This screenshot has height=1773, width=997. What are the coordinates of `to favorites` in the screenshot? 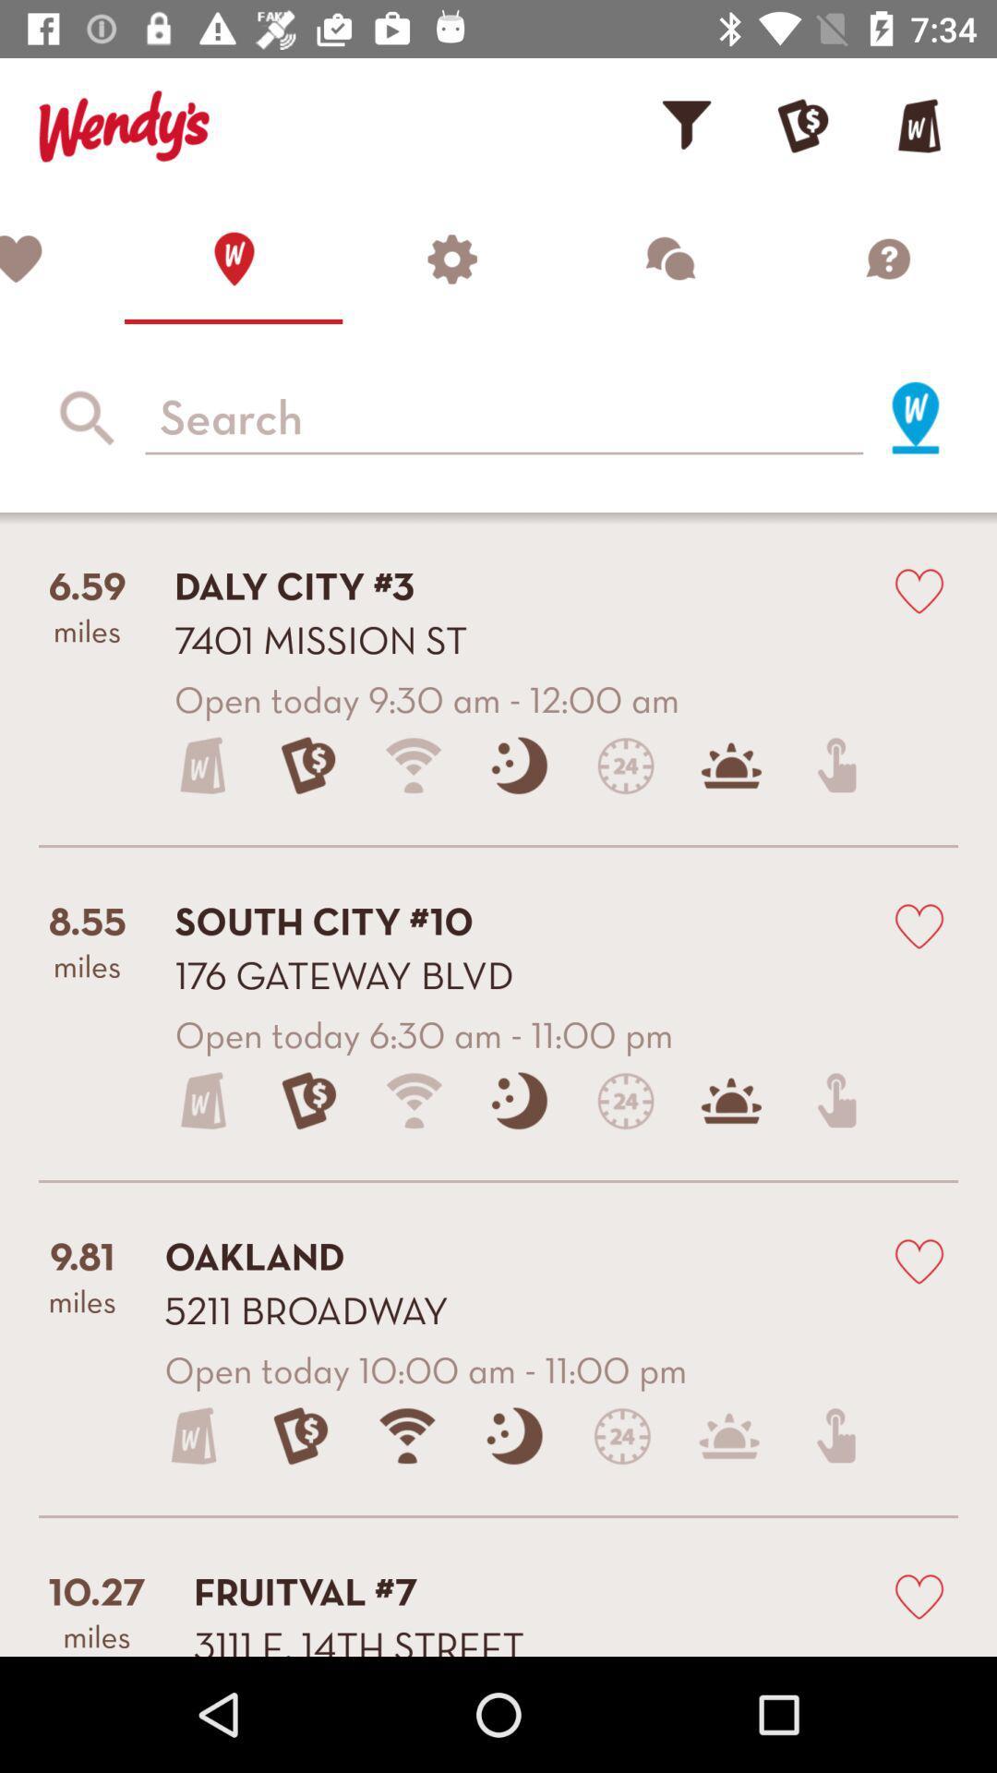 It's located at (61, 258).